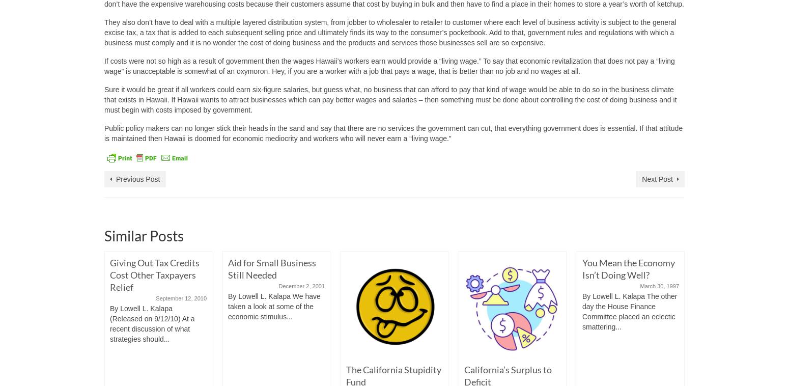 This screenshot has width=789, height=386. I want to click on 'Giving Out Tax Credits Cost Other Taxpayers Relief', so click(154, 274).